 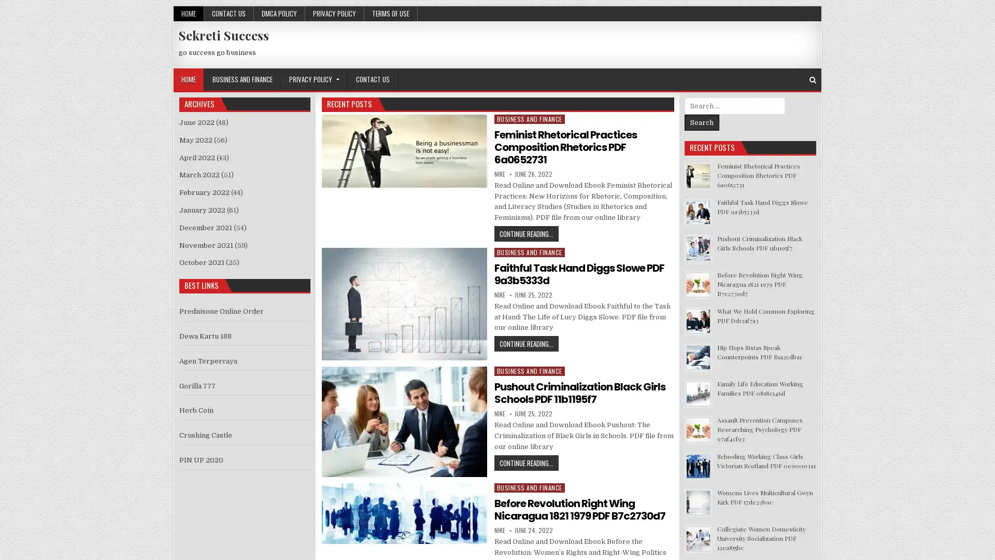 I want to click on Search, so click(x=702, y=122).